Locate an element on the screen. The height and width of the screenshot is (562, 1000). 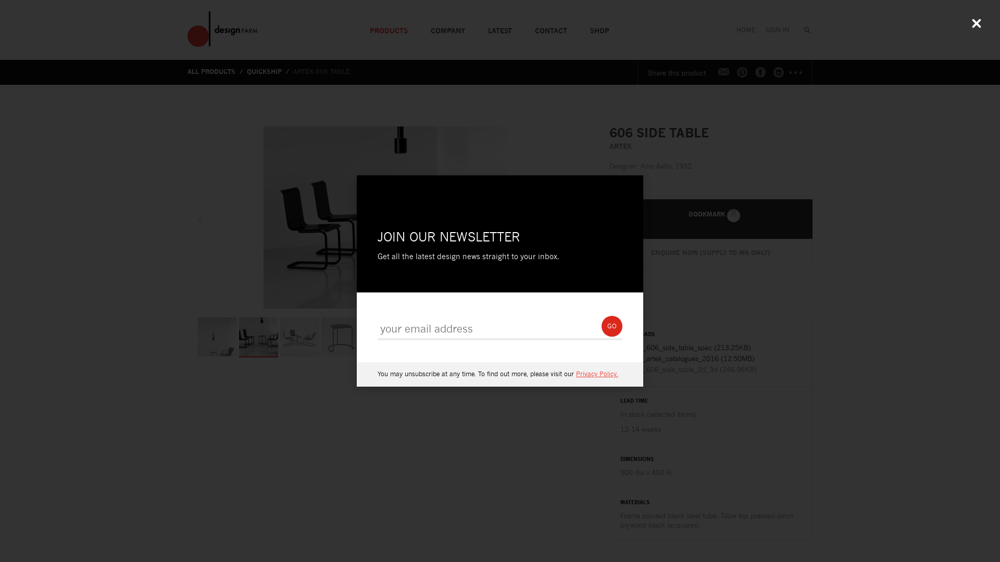
'BOOKMARK is located at coordinates (710, 218).